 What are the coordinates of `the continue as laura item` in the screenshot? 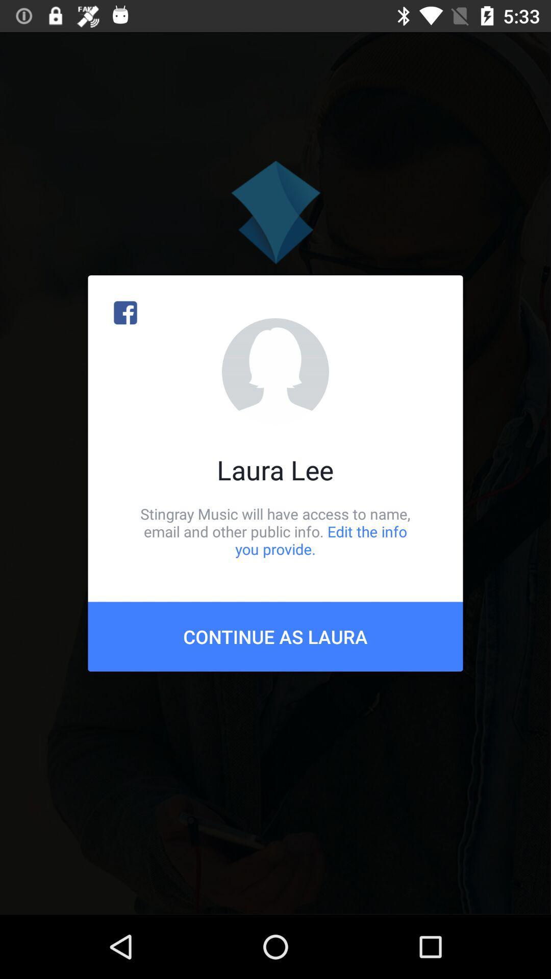 It's located at (275, 636).